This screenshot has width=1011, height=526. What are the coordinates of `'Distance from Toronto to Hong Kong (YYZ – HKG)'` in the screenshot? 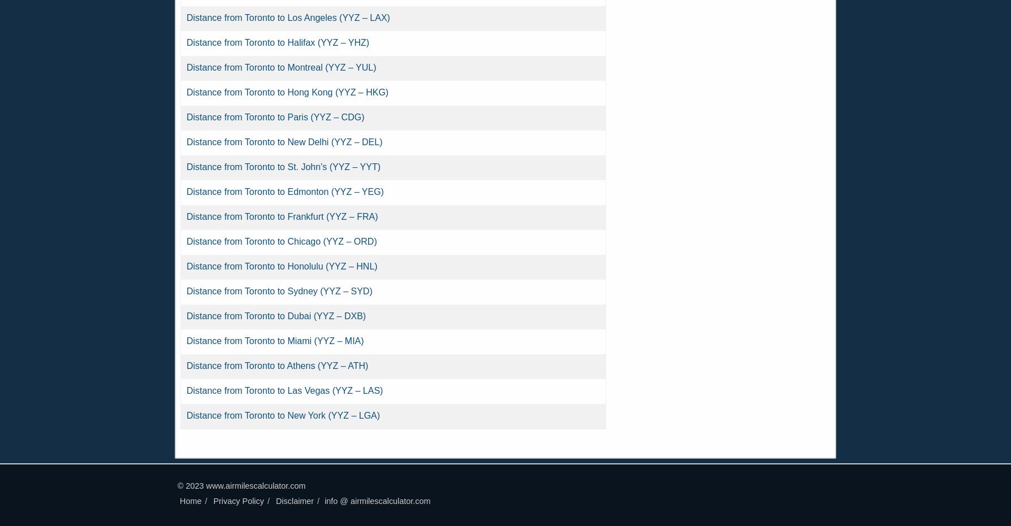 It's located at (287, 92).